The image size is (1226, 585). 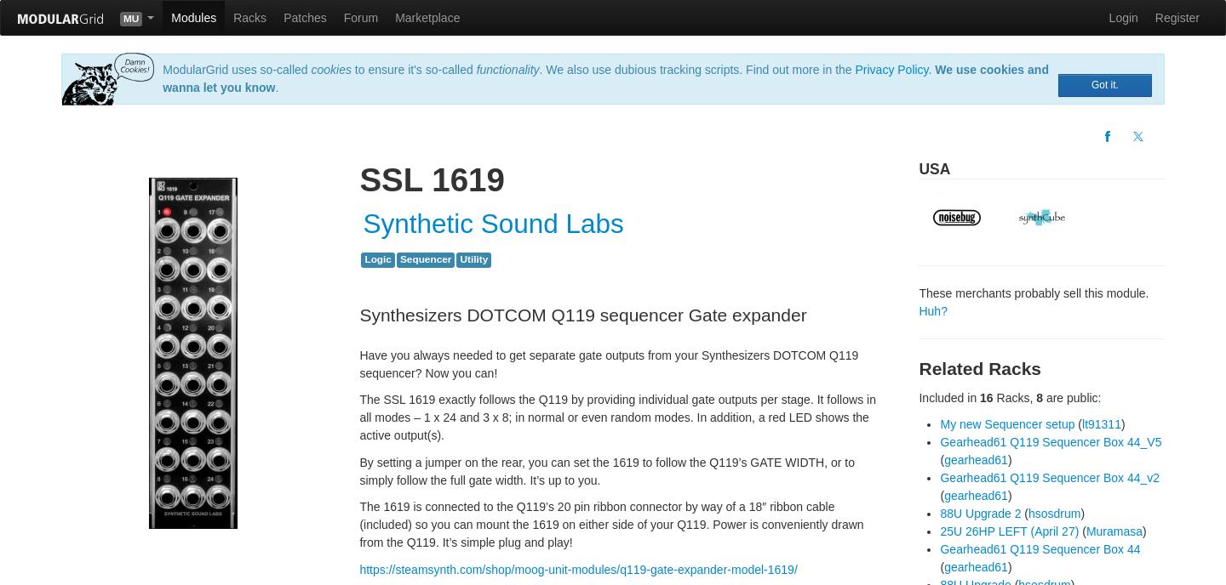 I want to click on 'Sequencer', so click(x=399, y=258).